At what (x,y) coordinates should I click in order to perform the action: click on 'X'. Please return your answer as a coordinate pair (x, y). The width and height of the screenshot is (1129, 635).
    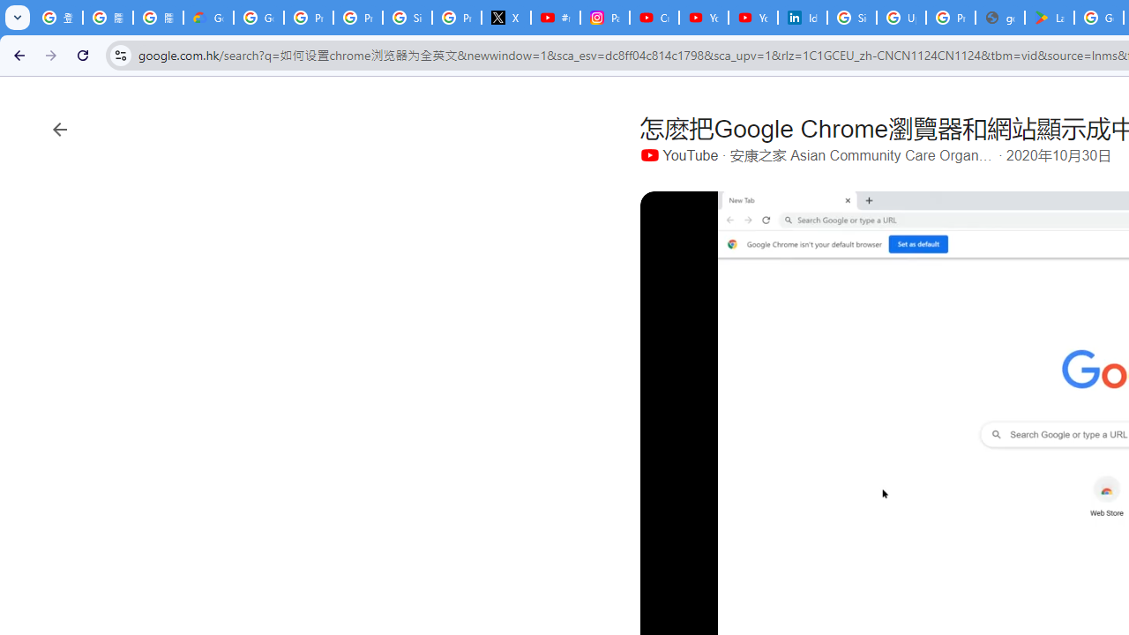
    Looking at the image, I should click on (505, 18).